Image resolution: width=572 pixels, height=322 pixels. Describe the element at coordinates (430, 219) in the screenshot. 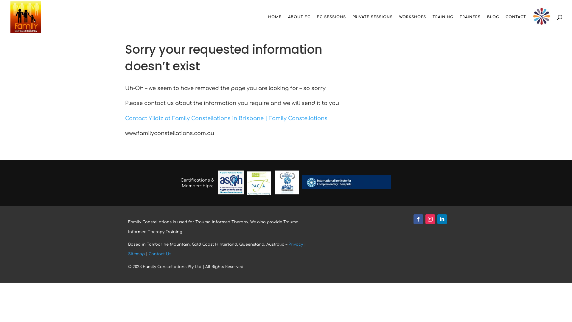

I see `'Follow on Instagram'` at that location.